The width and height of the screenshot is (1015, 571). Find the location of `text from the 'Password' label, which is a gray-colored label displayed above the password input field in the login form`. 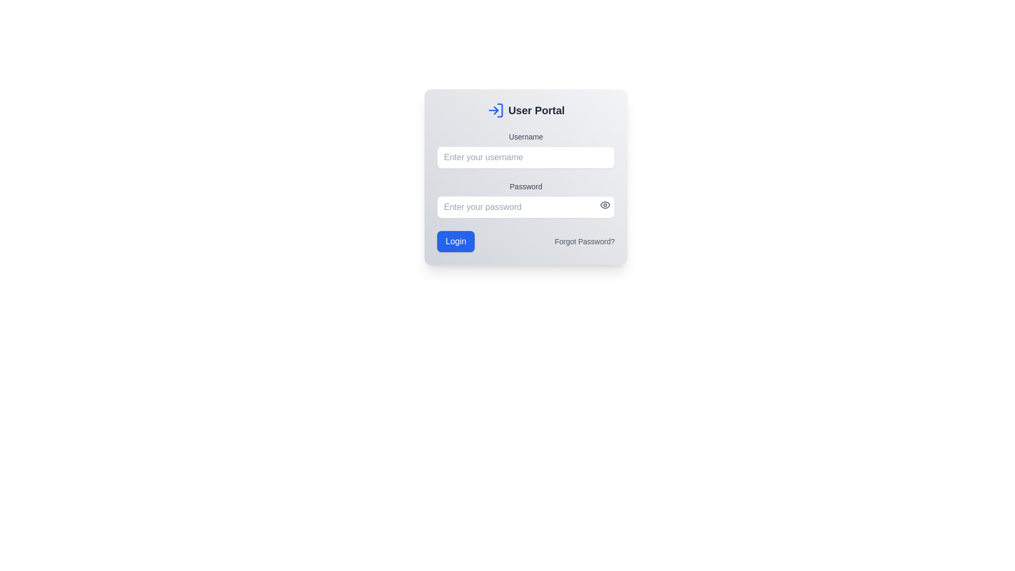

text from the 'Password' label, which is a gray-colored label displayed above the password input field in the login form is located at coordinates (525, 186).